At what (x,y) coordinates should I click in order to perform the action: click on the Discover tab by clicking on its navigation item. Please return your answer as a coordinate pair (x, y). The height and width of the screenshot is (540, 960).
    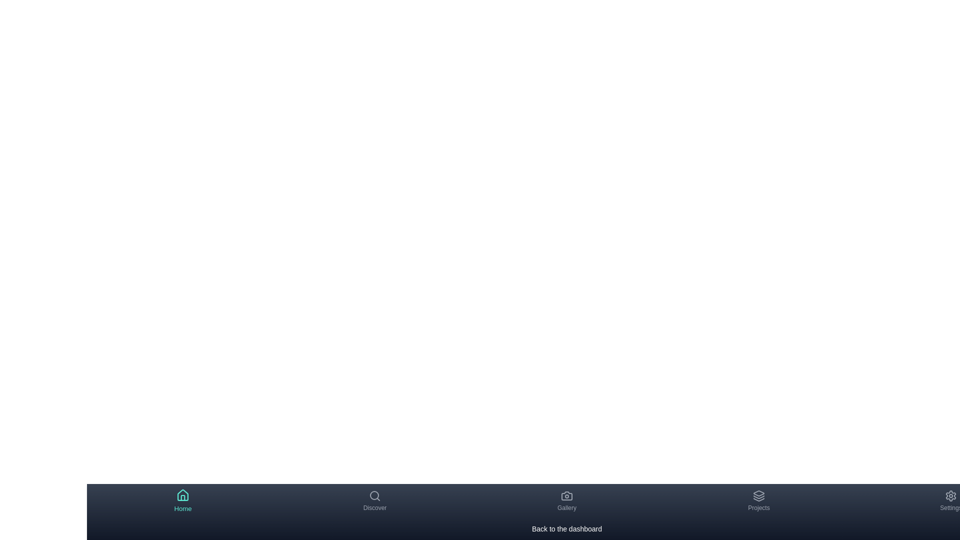
    Looking at the image, I should click on (374, 501).